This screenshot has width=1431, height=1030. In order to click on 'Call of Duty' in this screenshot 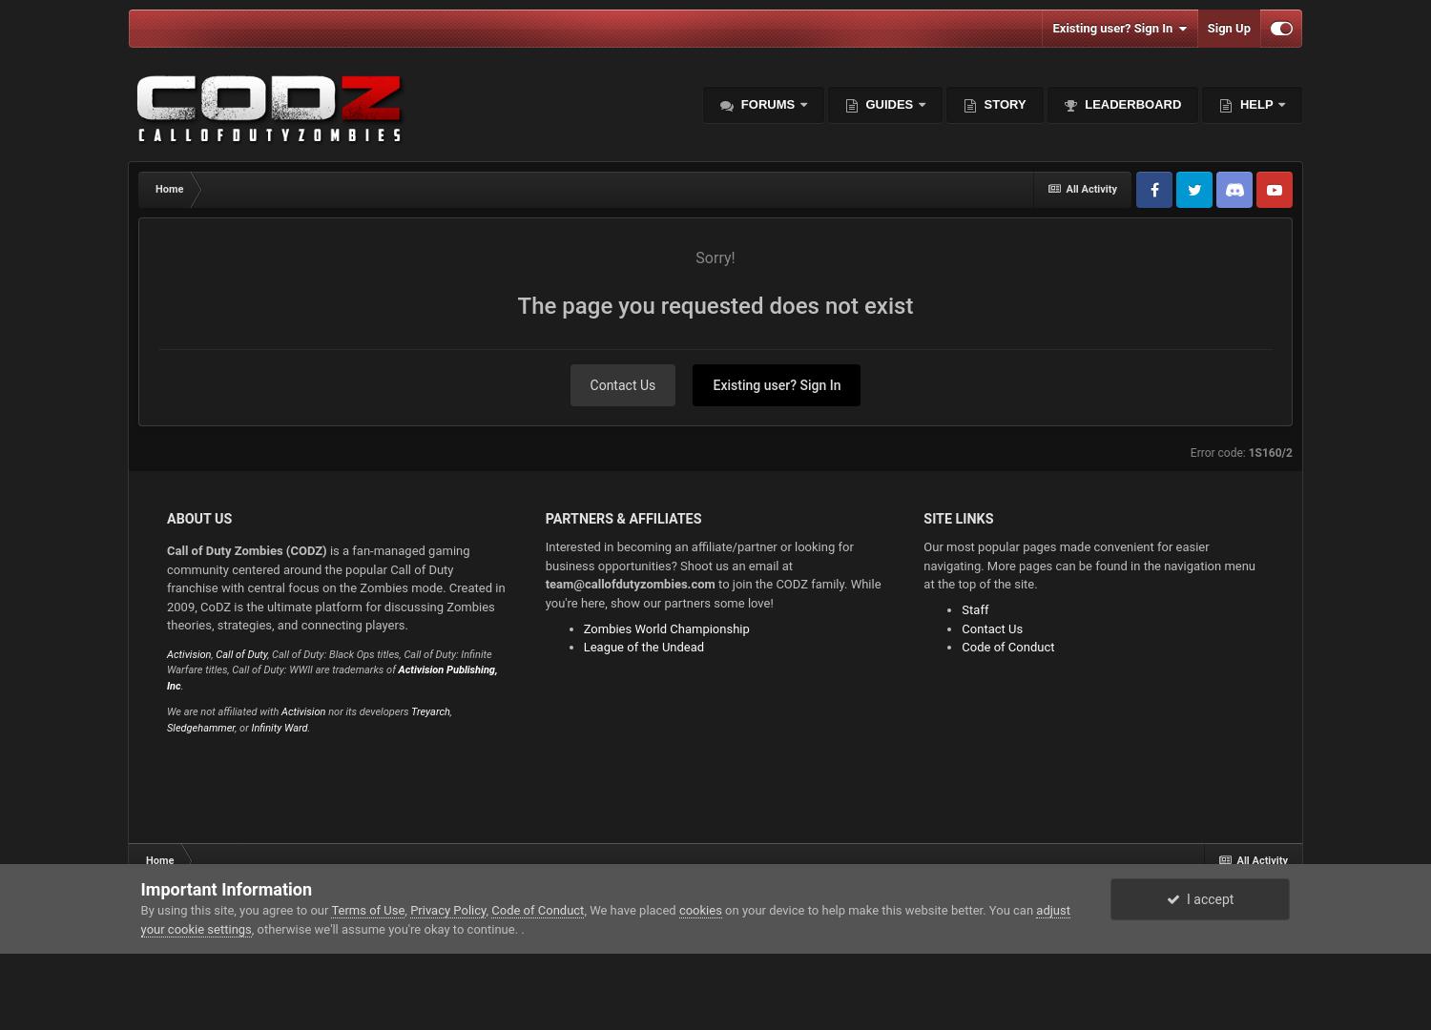, I will do `click(241, 652)`.